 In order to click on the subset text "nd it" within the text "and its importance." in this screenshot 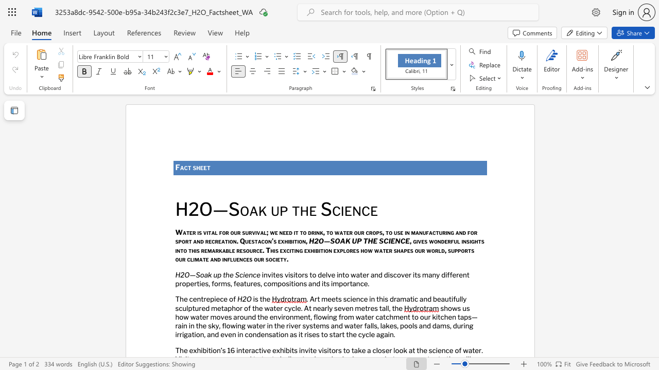, I will do `click(311, 283)`.